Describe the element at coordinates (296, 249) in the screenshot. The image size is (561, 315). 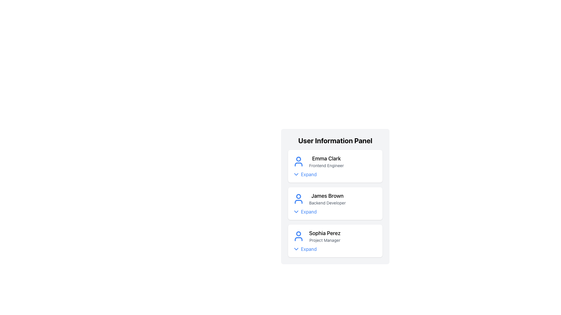
I see `the Downward Chevron Icon next to the 'Expand' text in the third user detail card for 'Sophia Perez, Project Manager'` at that location.